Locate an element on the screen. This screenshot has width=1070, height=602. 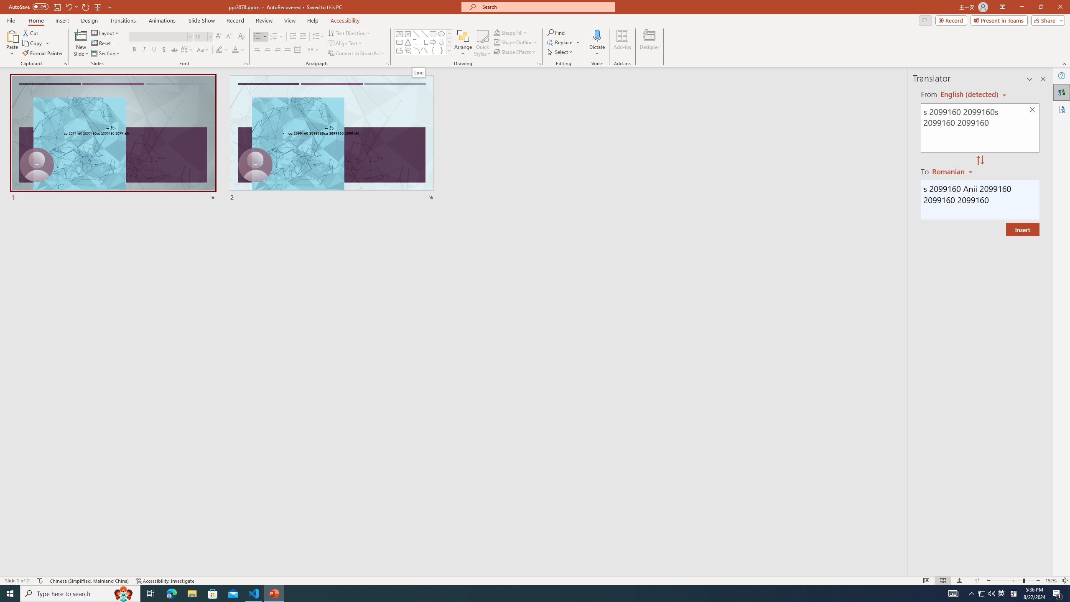
'Text Box' is located at coordinates (399, 33).